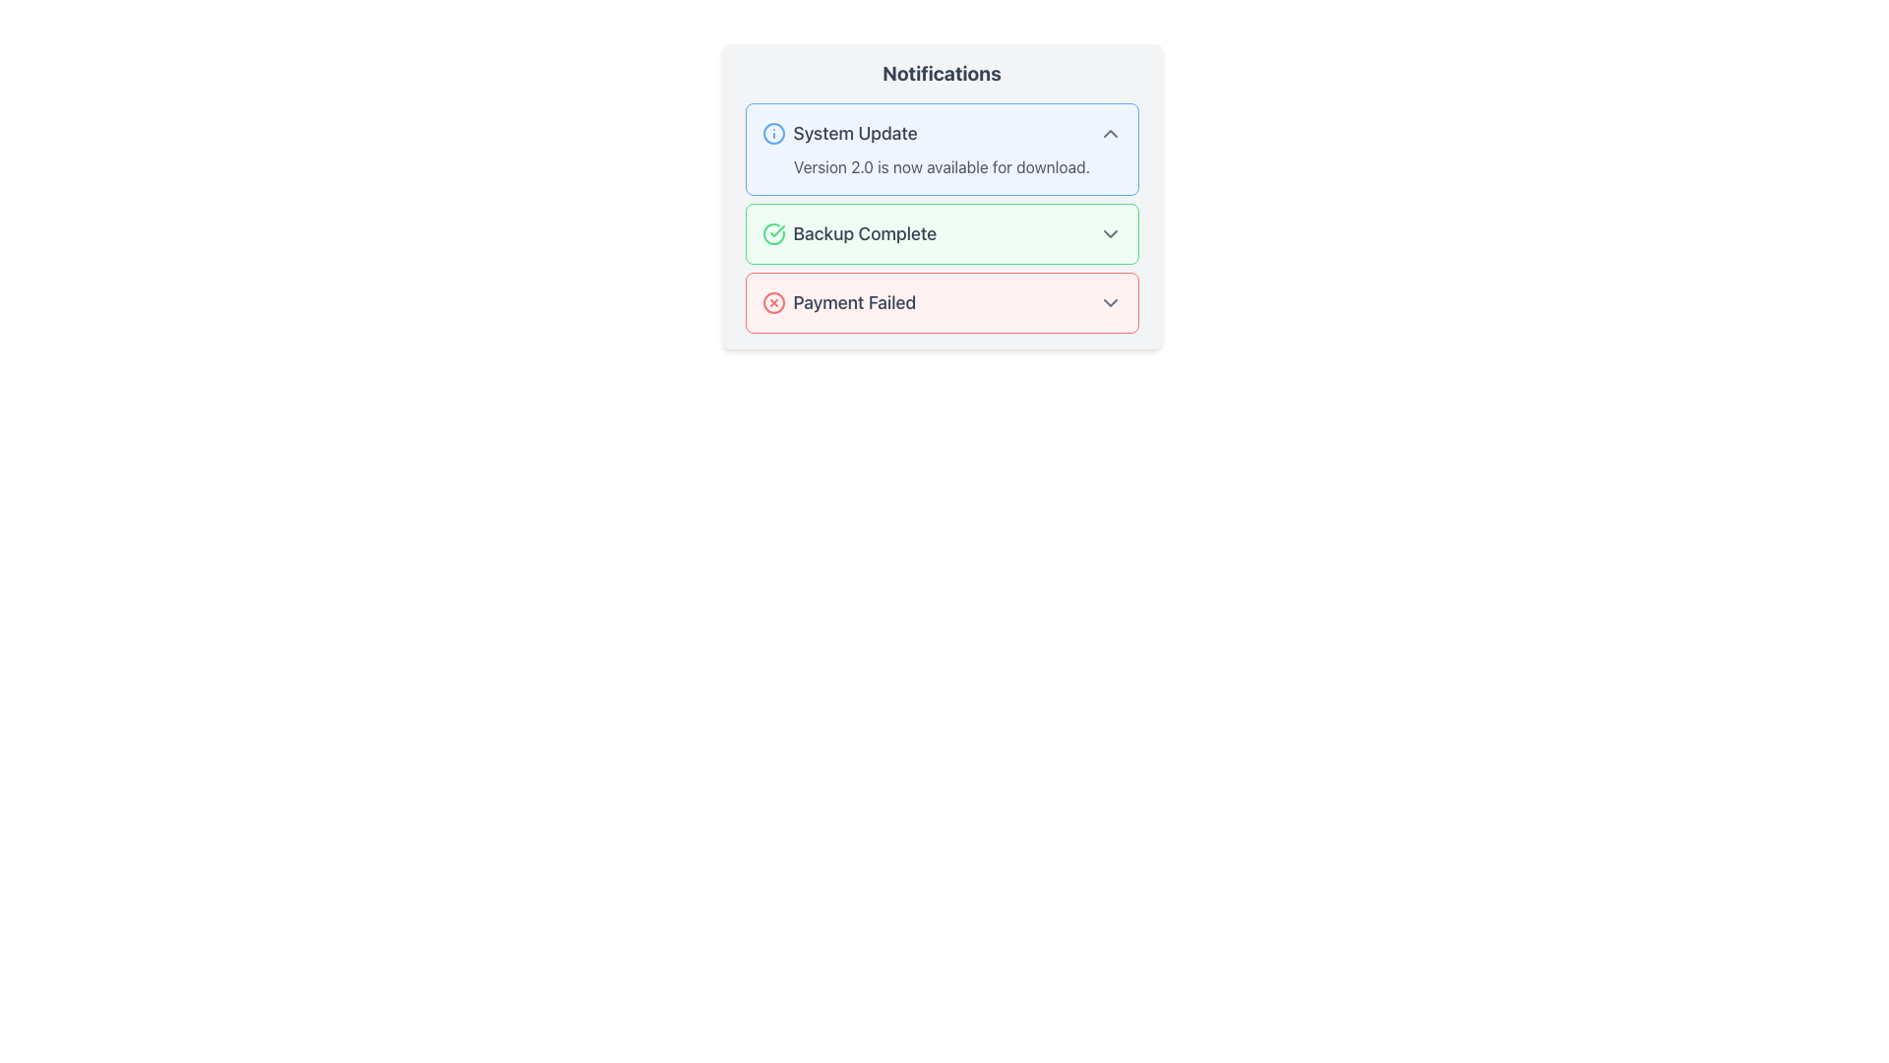 The image size is (1889, 1063). Describe the element at coordinates (941, 303) in the screenshot. I see `the notification message indicating a failed payment process` at that location.